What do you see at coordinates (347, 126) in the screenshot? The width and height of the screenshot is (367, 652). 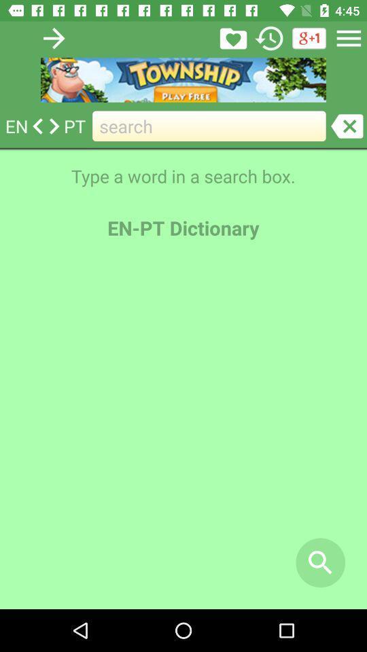 I see `clears the text box for the search field` at bounding box center [347, 126].